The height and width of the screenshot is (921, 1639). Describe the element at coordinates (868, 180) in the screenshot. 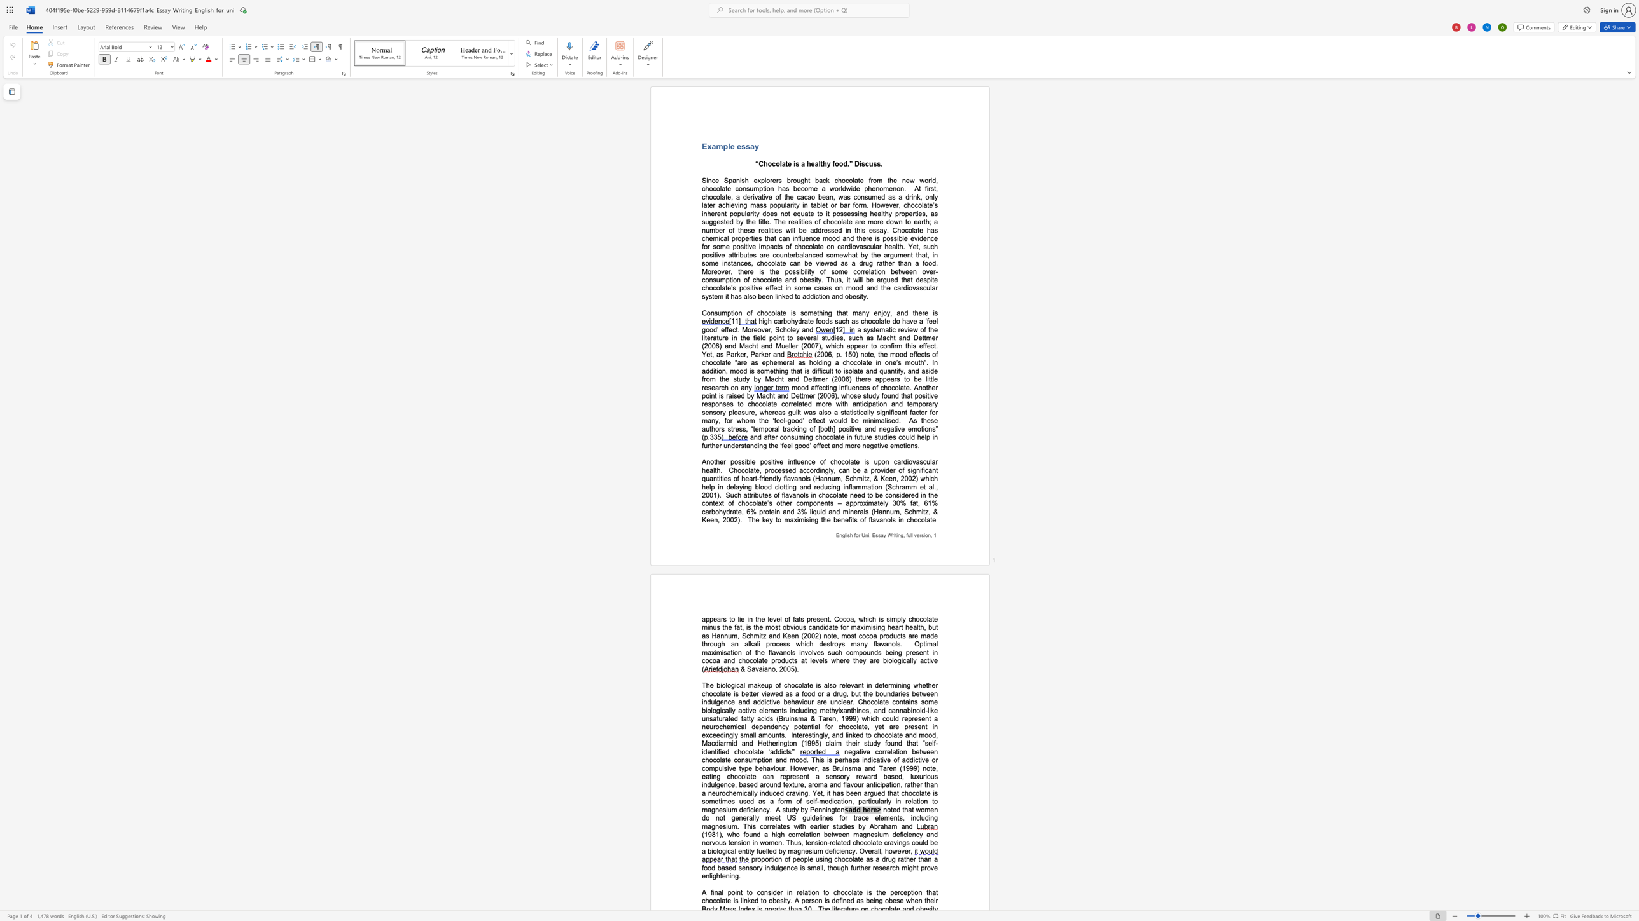

I see `the 1th character "f" in the text` at that location.